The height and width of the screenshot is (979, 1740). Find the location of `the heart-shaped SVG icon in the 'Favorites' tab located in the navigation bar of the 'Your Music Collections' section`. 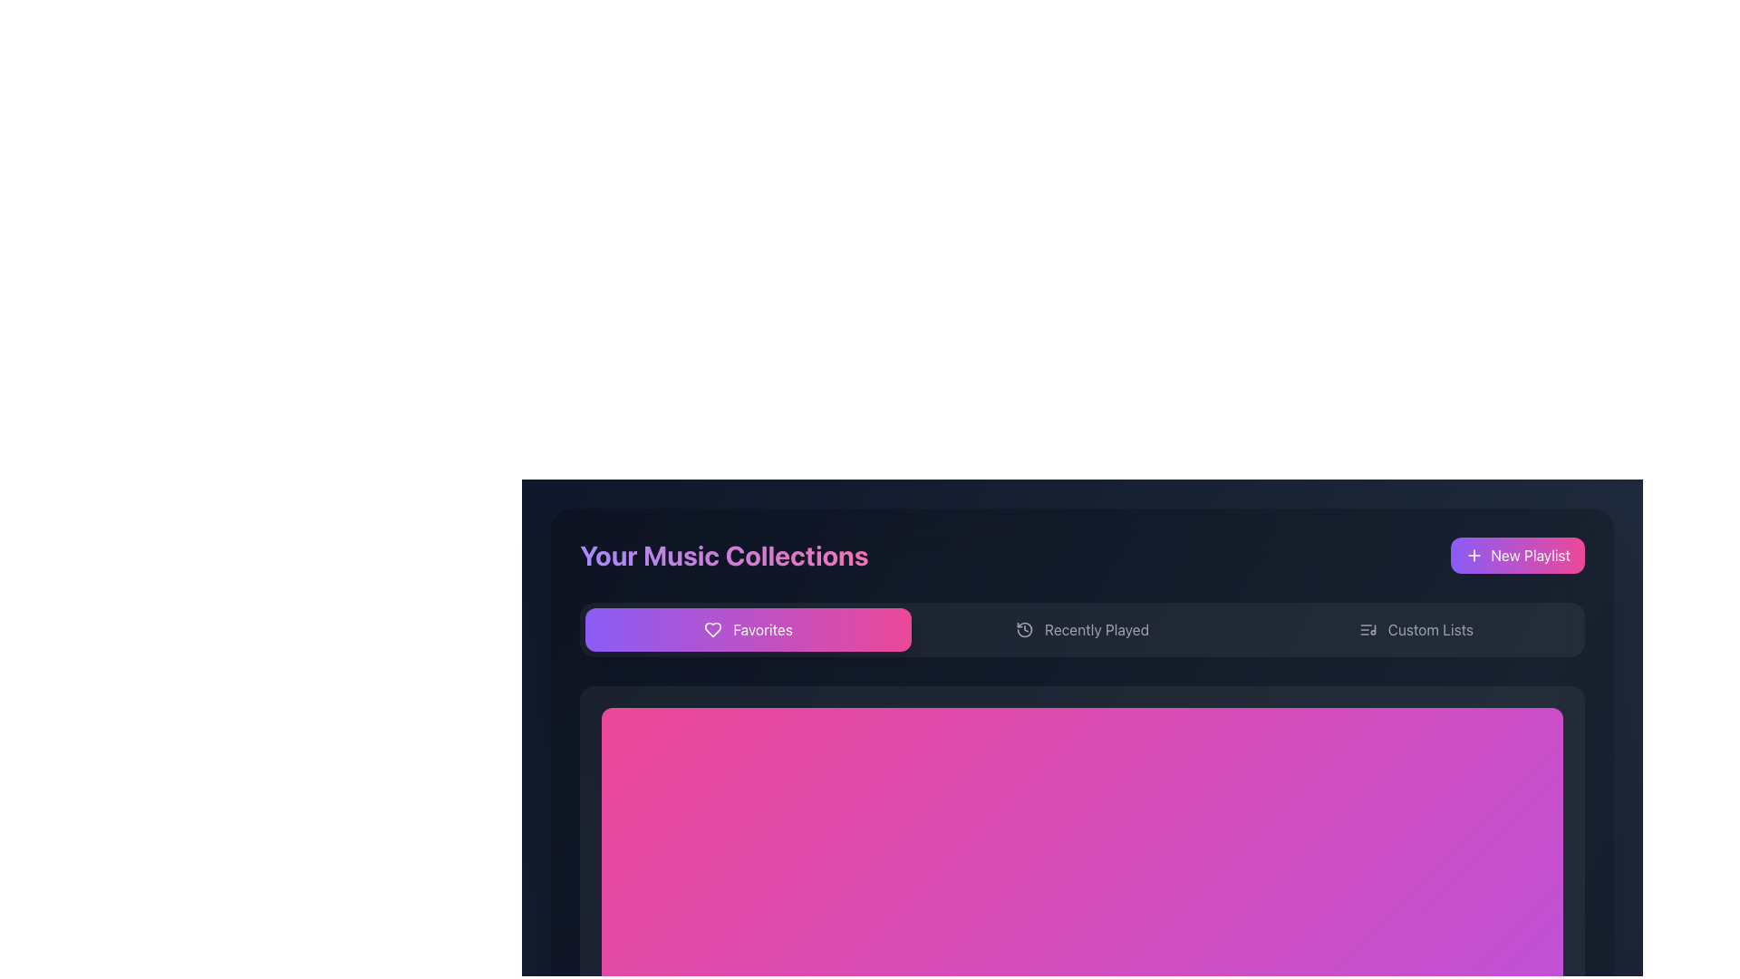

the heart-shaped SVG icon in the 'Favorites' tab located in the navigation bar of the 'Your Music Collections' section is located at coordinates (712, 628).